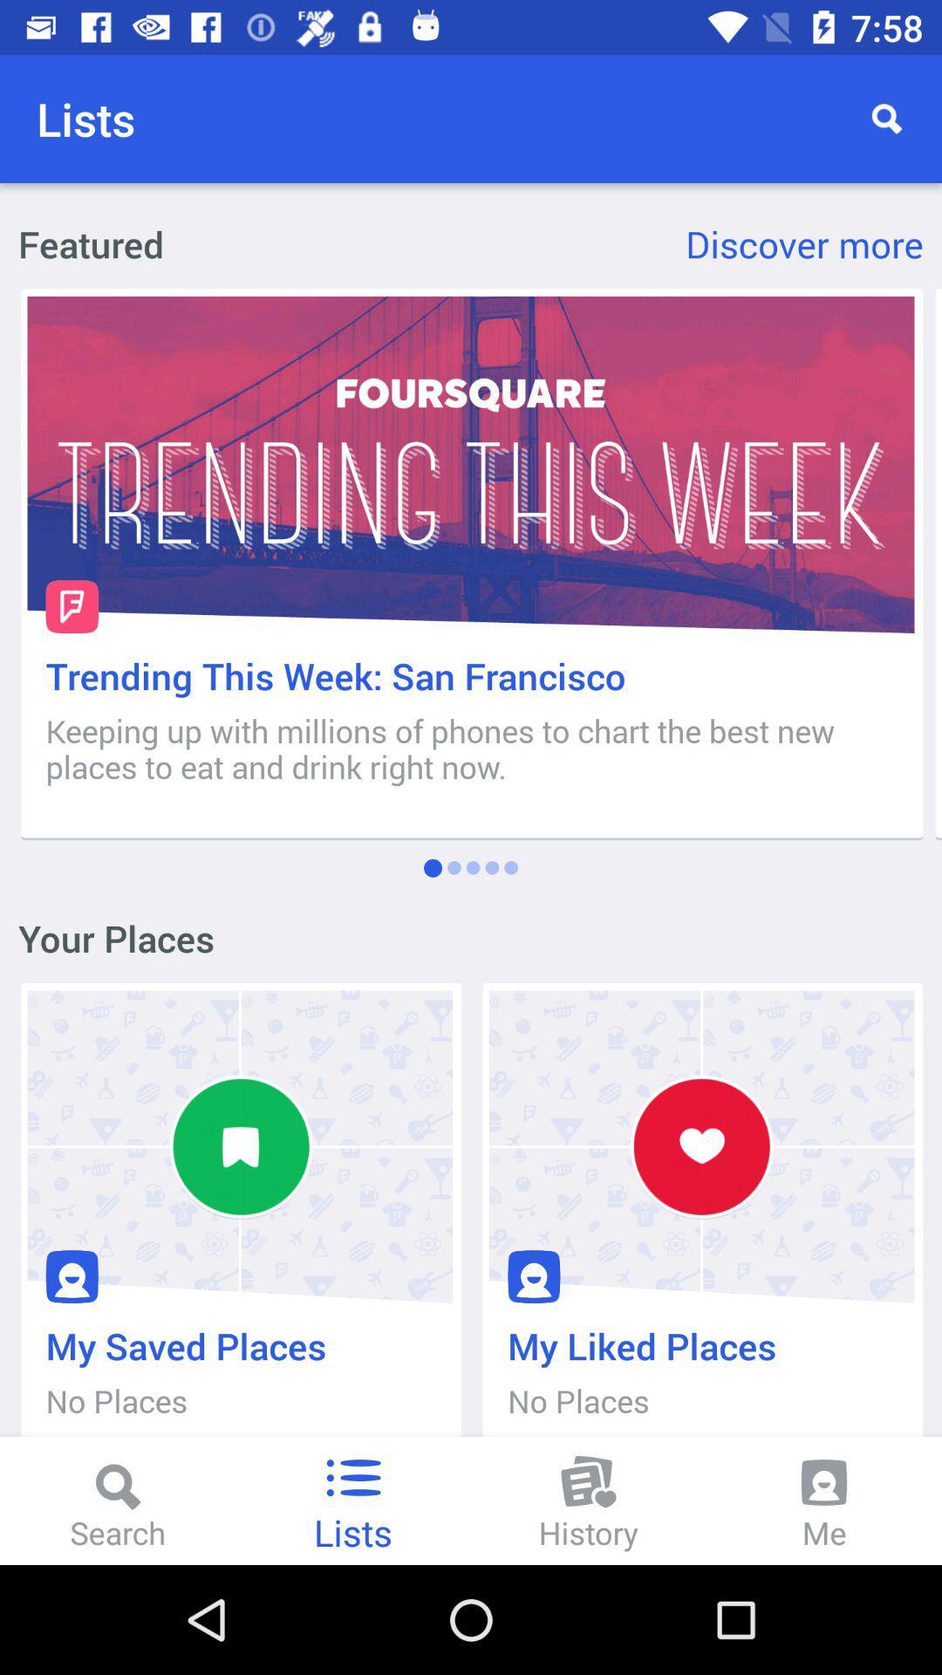 The image size is (942, 1675). Describe the element at coordinates (240, 1219) in the screenshot. I see `the frame below the your places` at that location.